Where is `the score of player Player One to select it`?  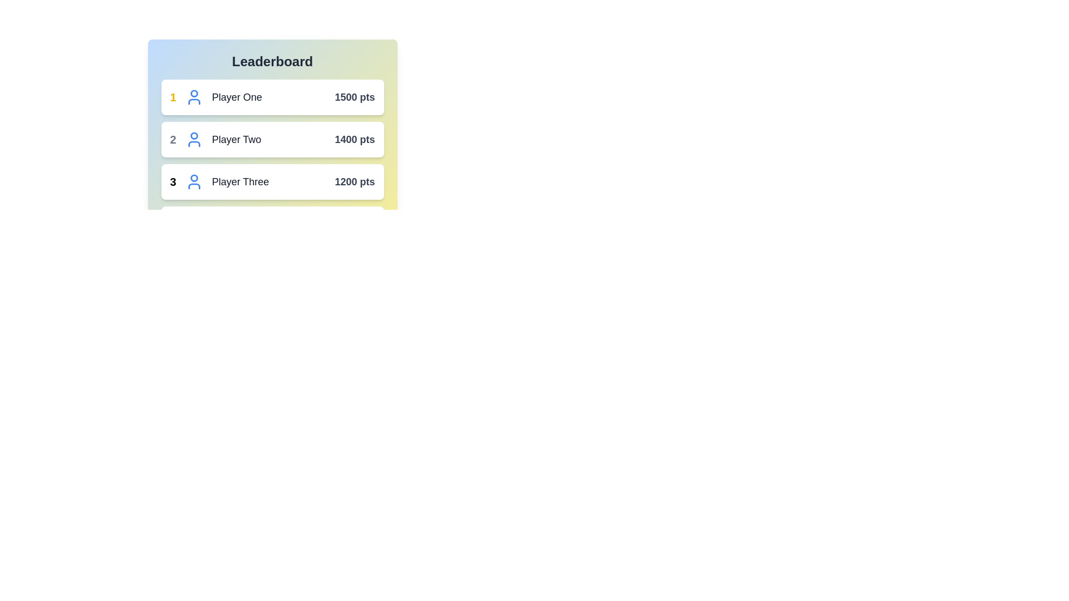
the score of player Player One to select it is located at coordinates (354, 96).